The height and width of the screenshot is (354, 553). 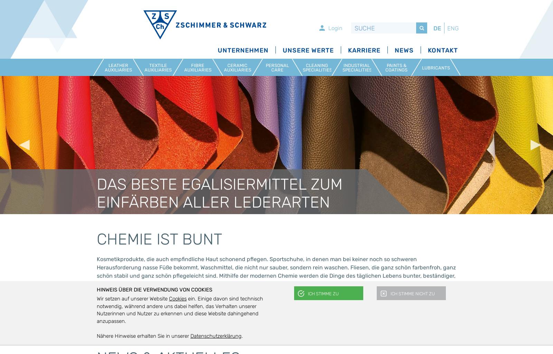 I want to click on 'ein. Einige davon sind technisch notwendig, während andere uns dabei helfen, das Verhalten unserer Nutzerinnen und Nutzer zu erkennen und diese Website dahingehend anzupassen.', so click(x=97, y=309).